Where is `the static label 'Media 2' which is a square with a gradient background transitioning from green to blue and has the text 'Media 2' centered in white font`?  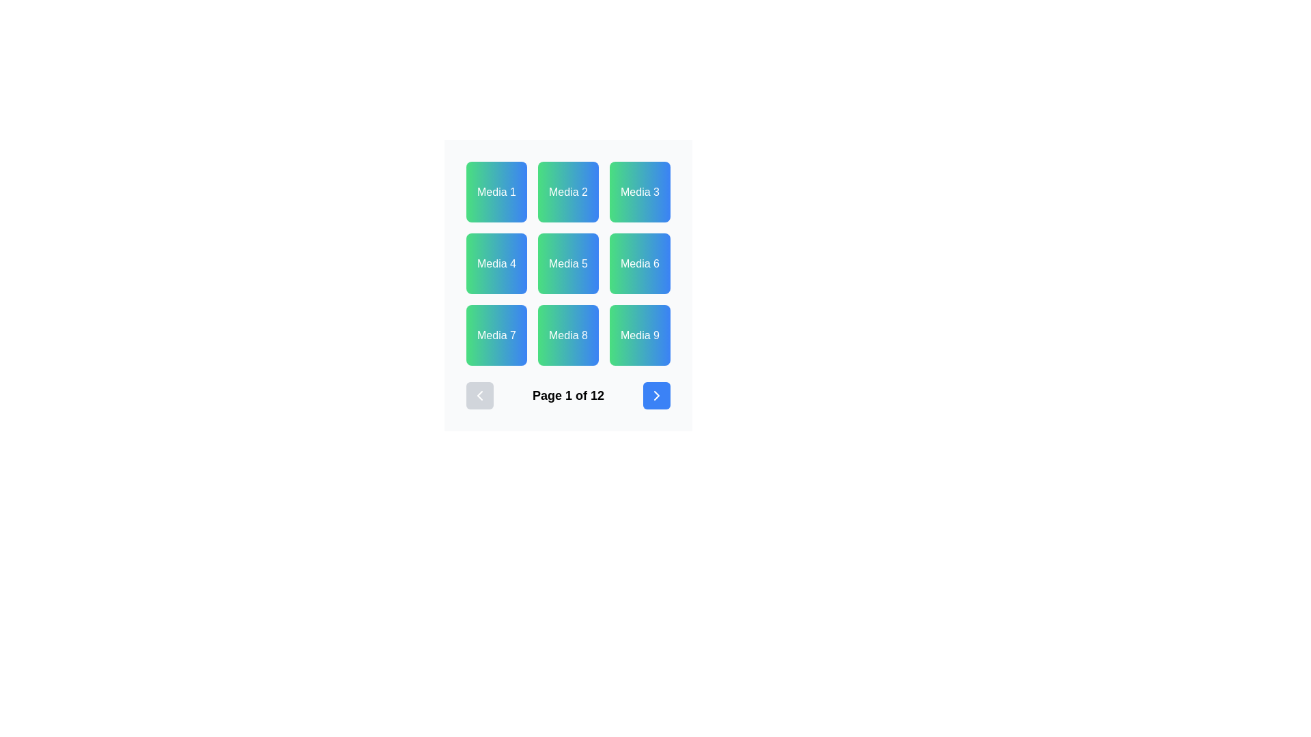
the static label 'Media 2' which is a square with a gradient background transitioning from green to blue and has the text 'Media 2' centered in white font is located at coordinates (568, 192).